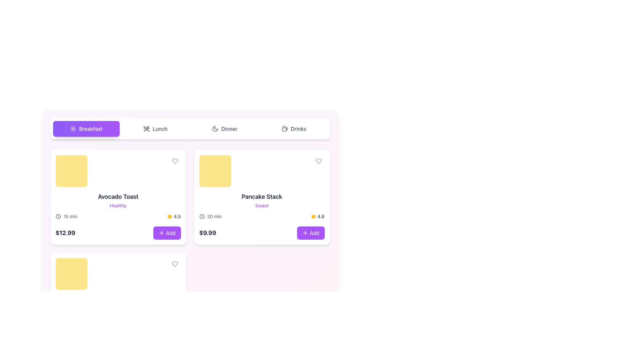 This screenshot has height=356, width=633. I want to click on the interactive button on the right-hand side of the layout, so click(167, 336).